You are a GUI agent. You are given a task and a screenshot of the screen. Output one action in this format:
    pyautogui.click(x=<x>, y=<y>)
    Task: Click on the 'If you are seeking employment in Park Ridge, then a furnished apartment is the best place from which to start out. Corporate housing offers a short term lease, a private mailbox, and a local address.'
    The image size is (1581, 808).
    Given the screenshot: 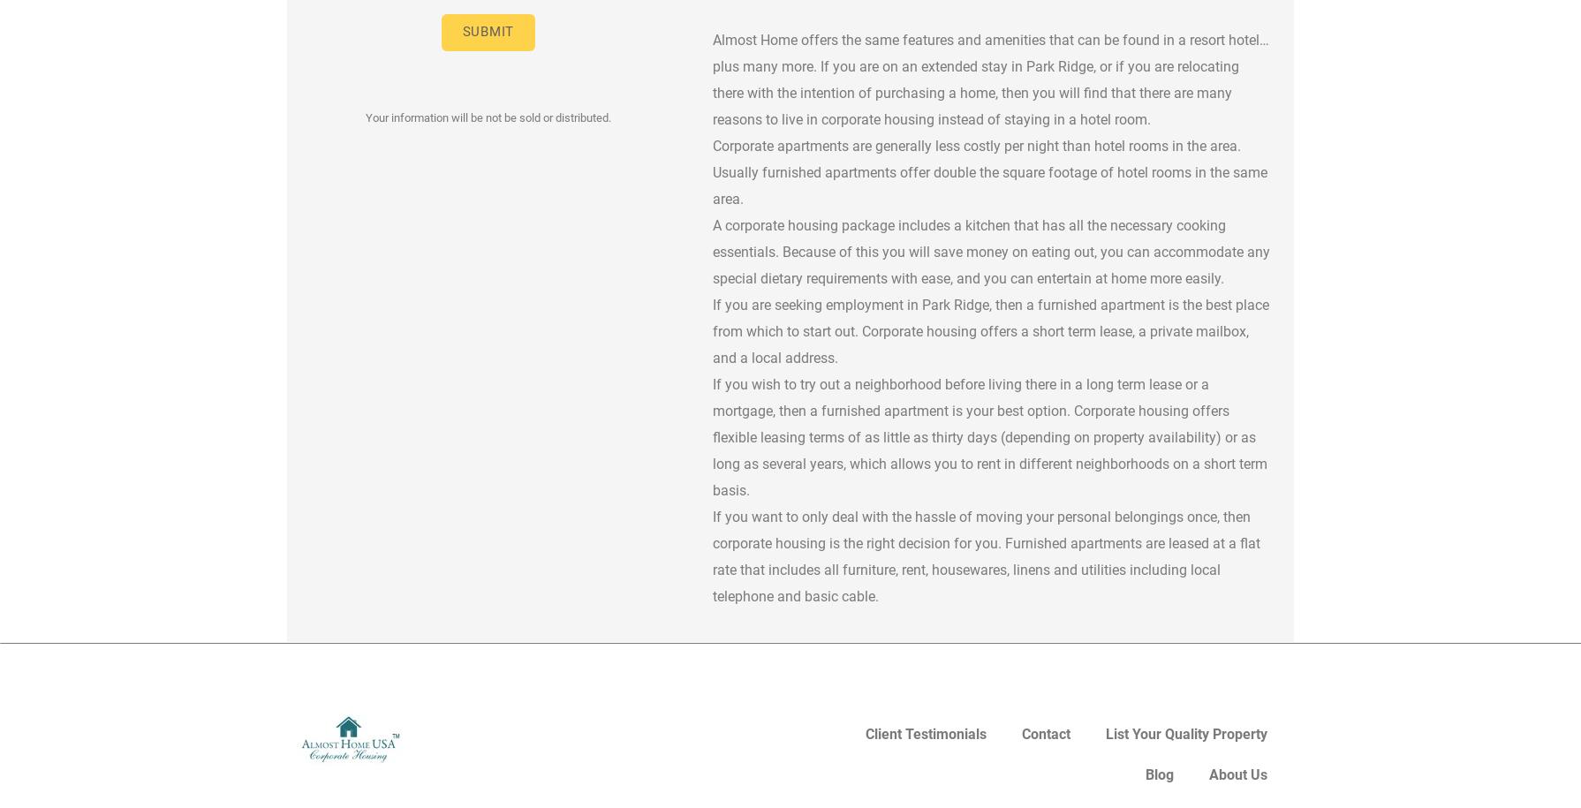 What is the action you would take?
    pyautogui.click(x=990, y=330)
    